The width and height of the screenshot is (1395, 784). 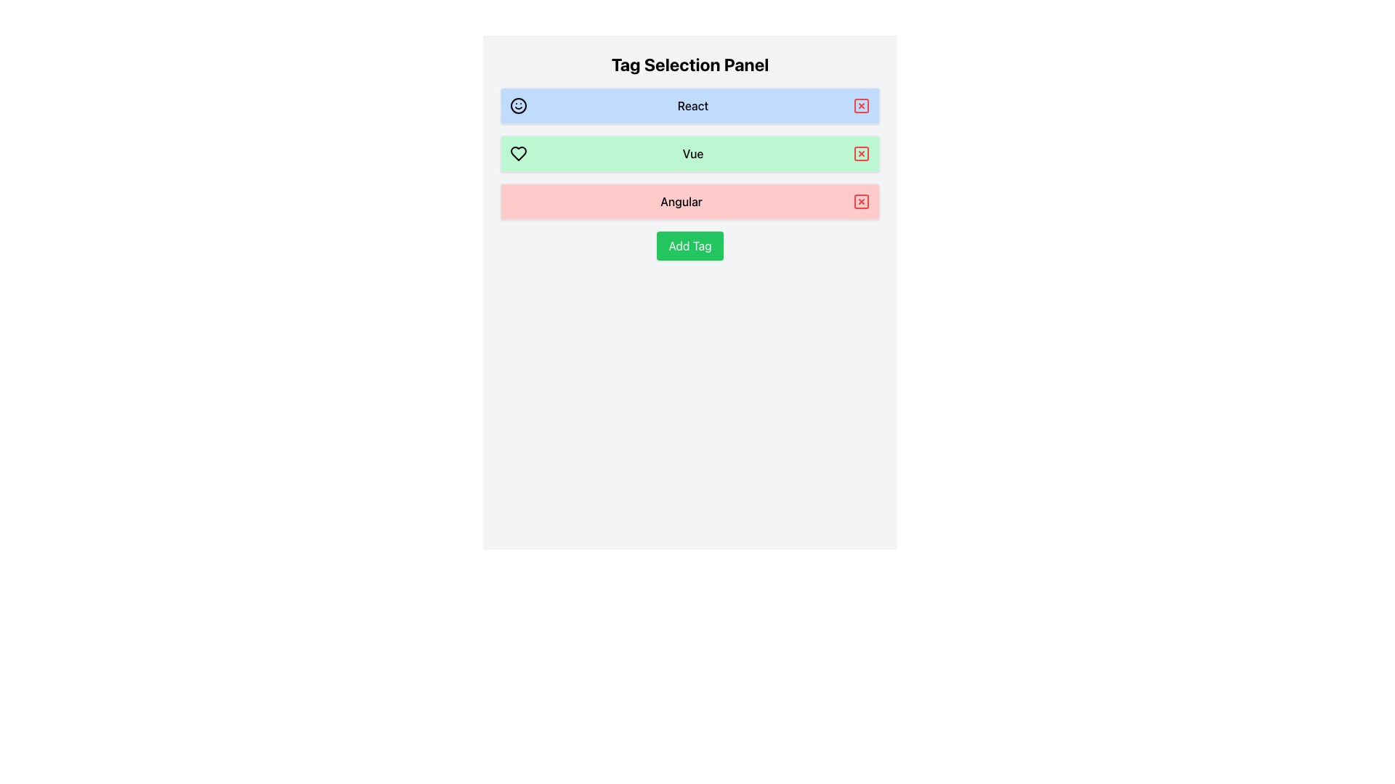 What do you see at coordinates (690, 105) in the screenshot?
I see `the selectable tag option labeled 'React' in the Tag Selection Panel` at bounding box center [690, 105].